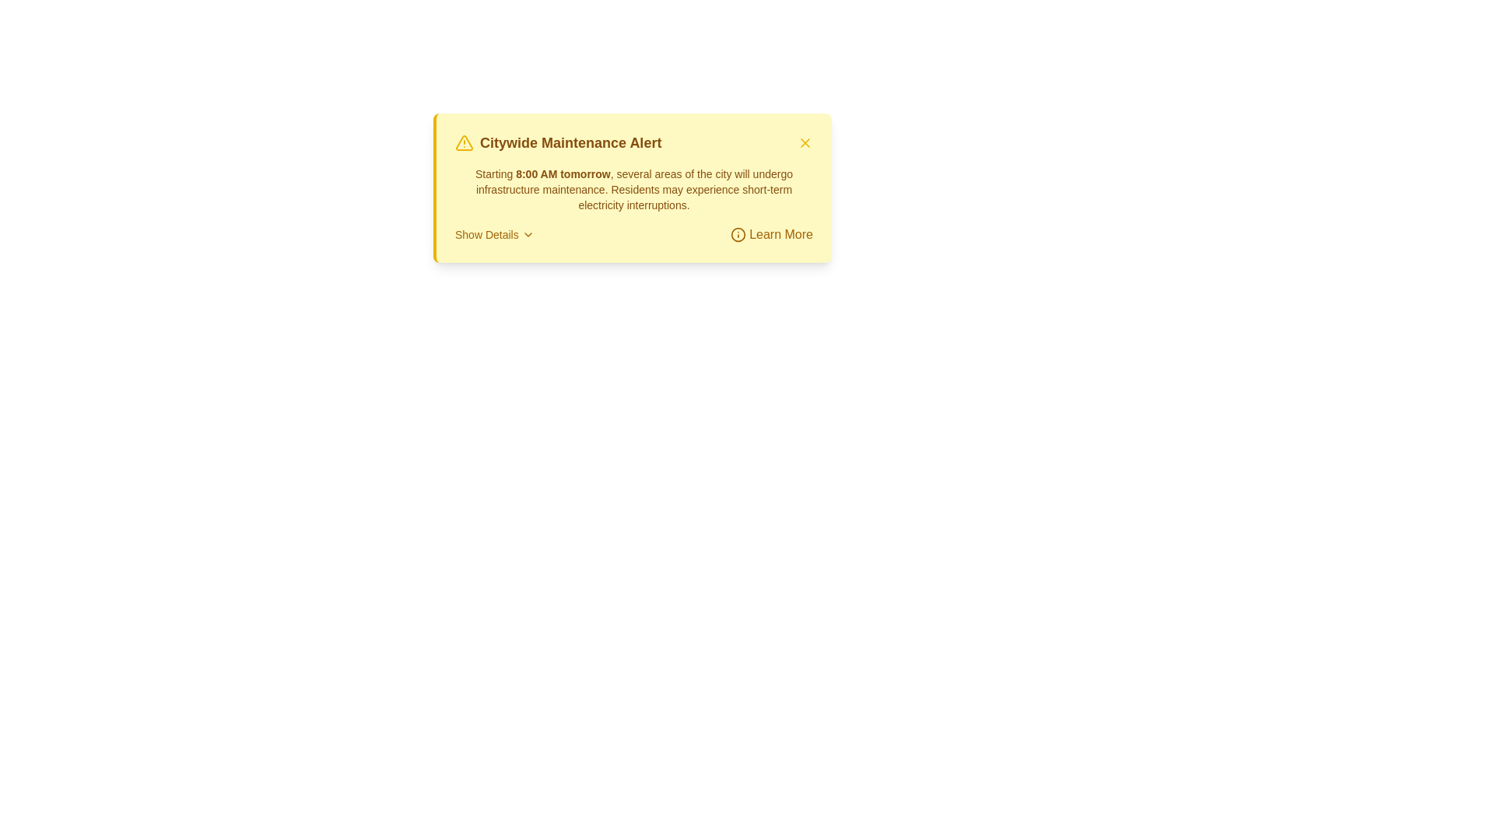  What do you see at coordinates (493, 234) in the screenshot?
I see `the button located at the bottom left of the yellow notification box` at bounding box center [493, 234].